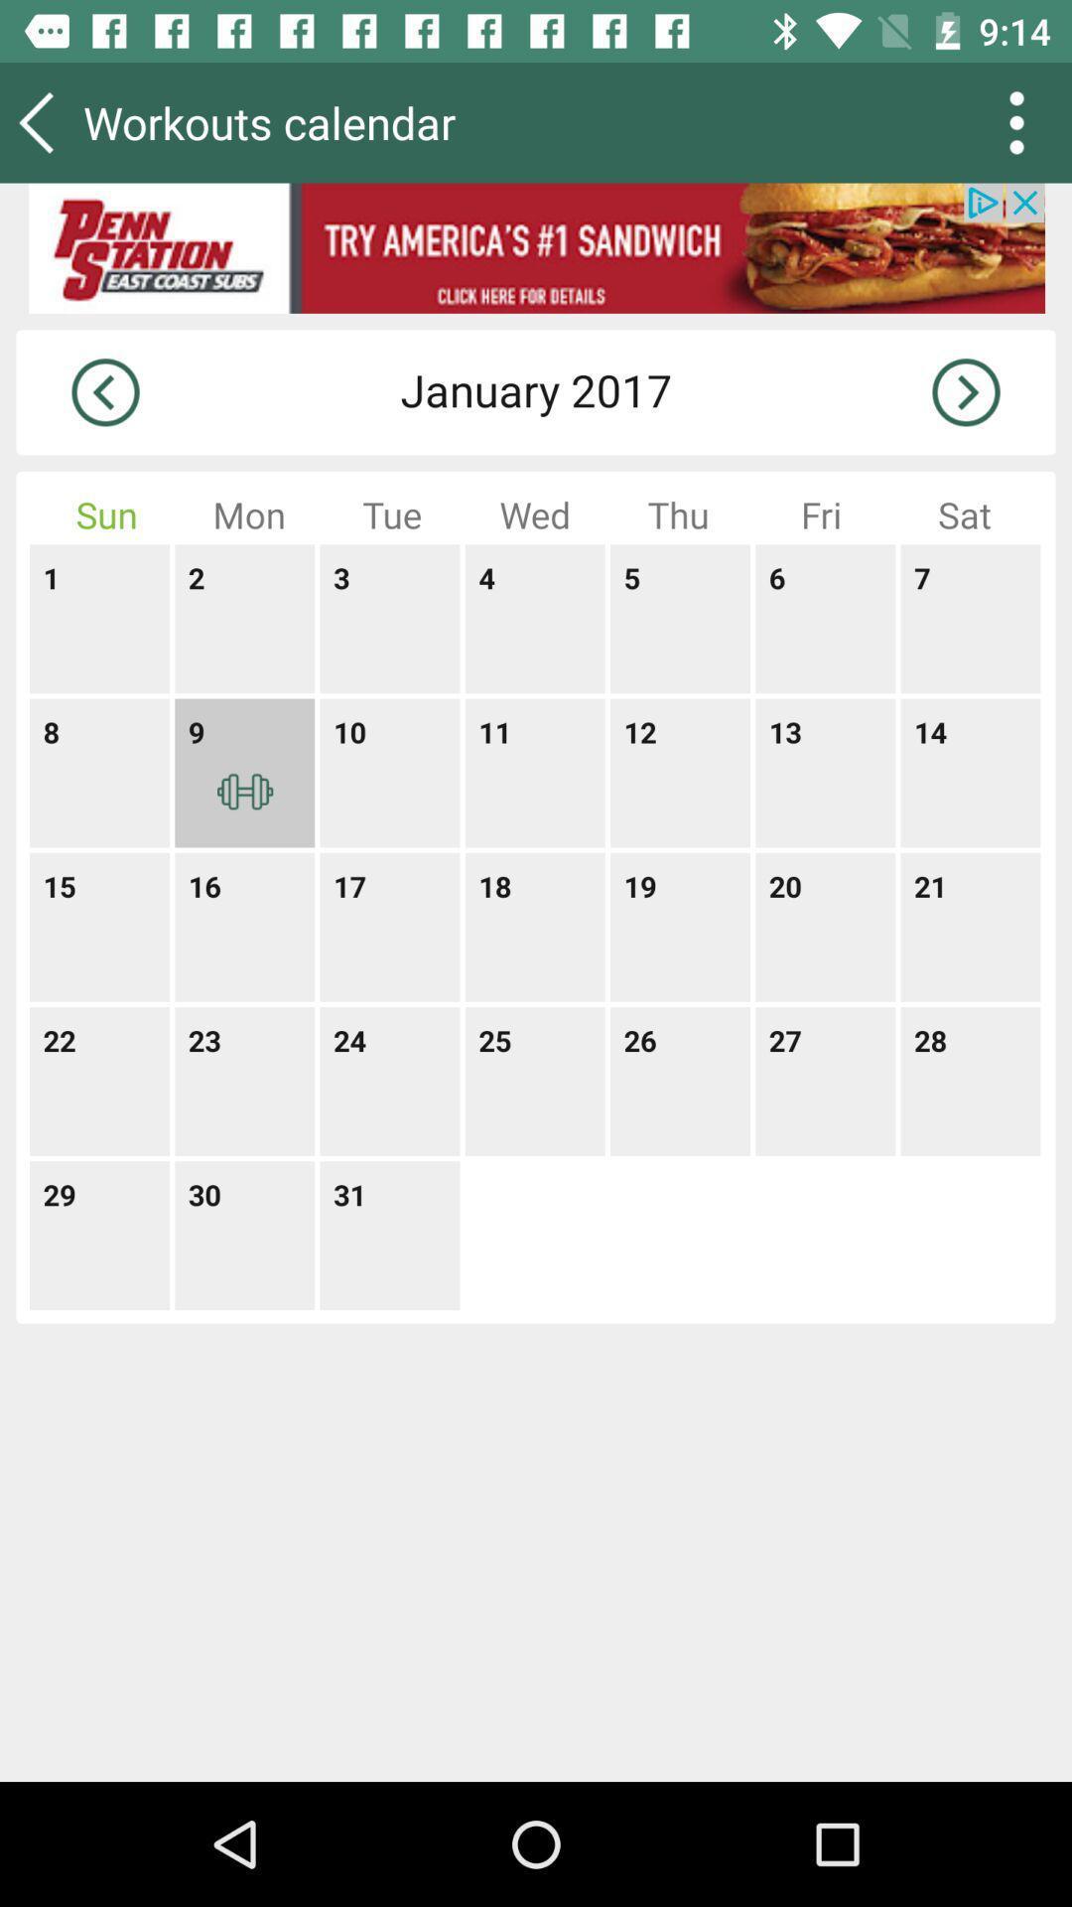 This screenshot has height=1907, width=1072. Describe the element at coordinates (1023, 121) in the screenshot. I see `the more icon` at that location.